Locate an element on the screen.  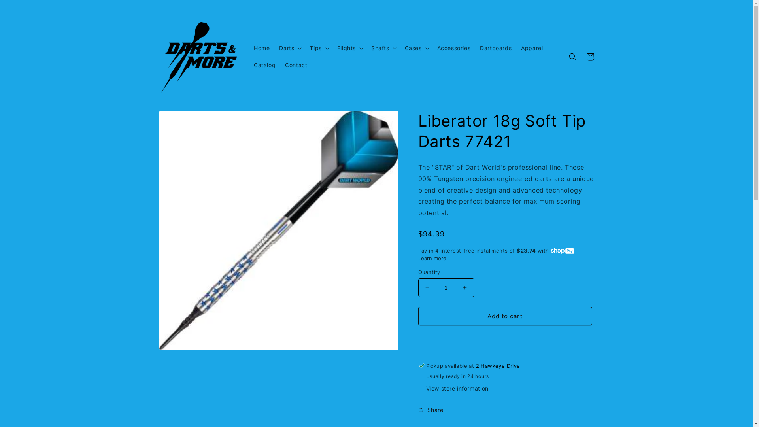
'Decrease quantity for Liberator 18g Soft Tip Darts 77421' is located at coordinates (417, 287).